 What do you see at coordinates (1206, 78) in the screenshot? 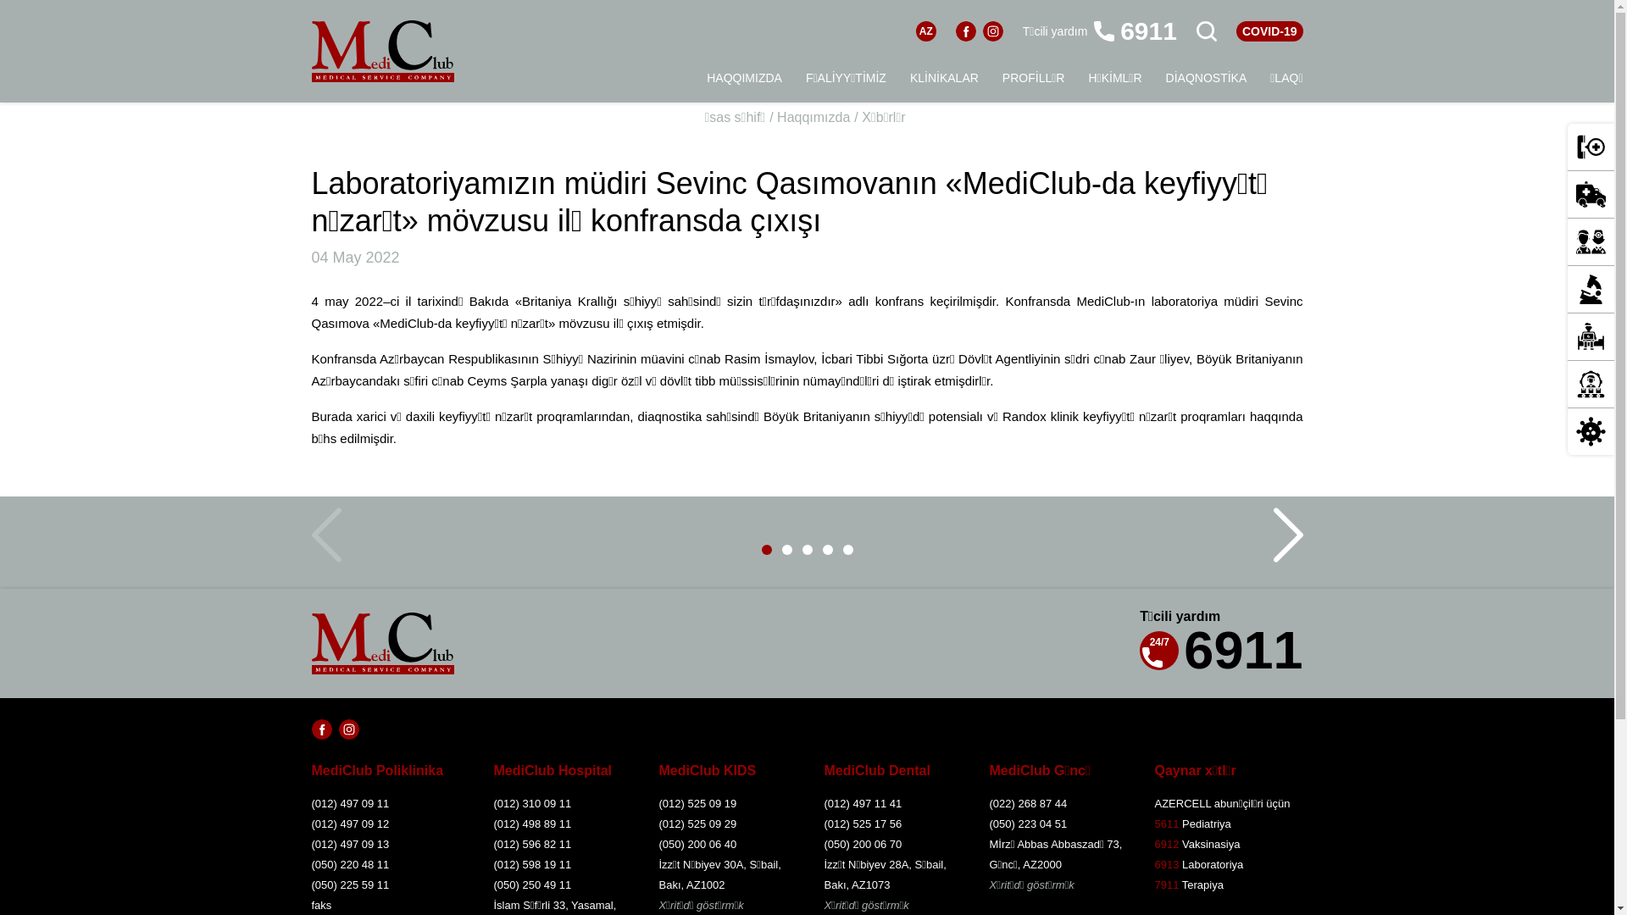
I see `'DIAQNOSTIKA'` at bounding box center [1206, 78].